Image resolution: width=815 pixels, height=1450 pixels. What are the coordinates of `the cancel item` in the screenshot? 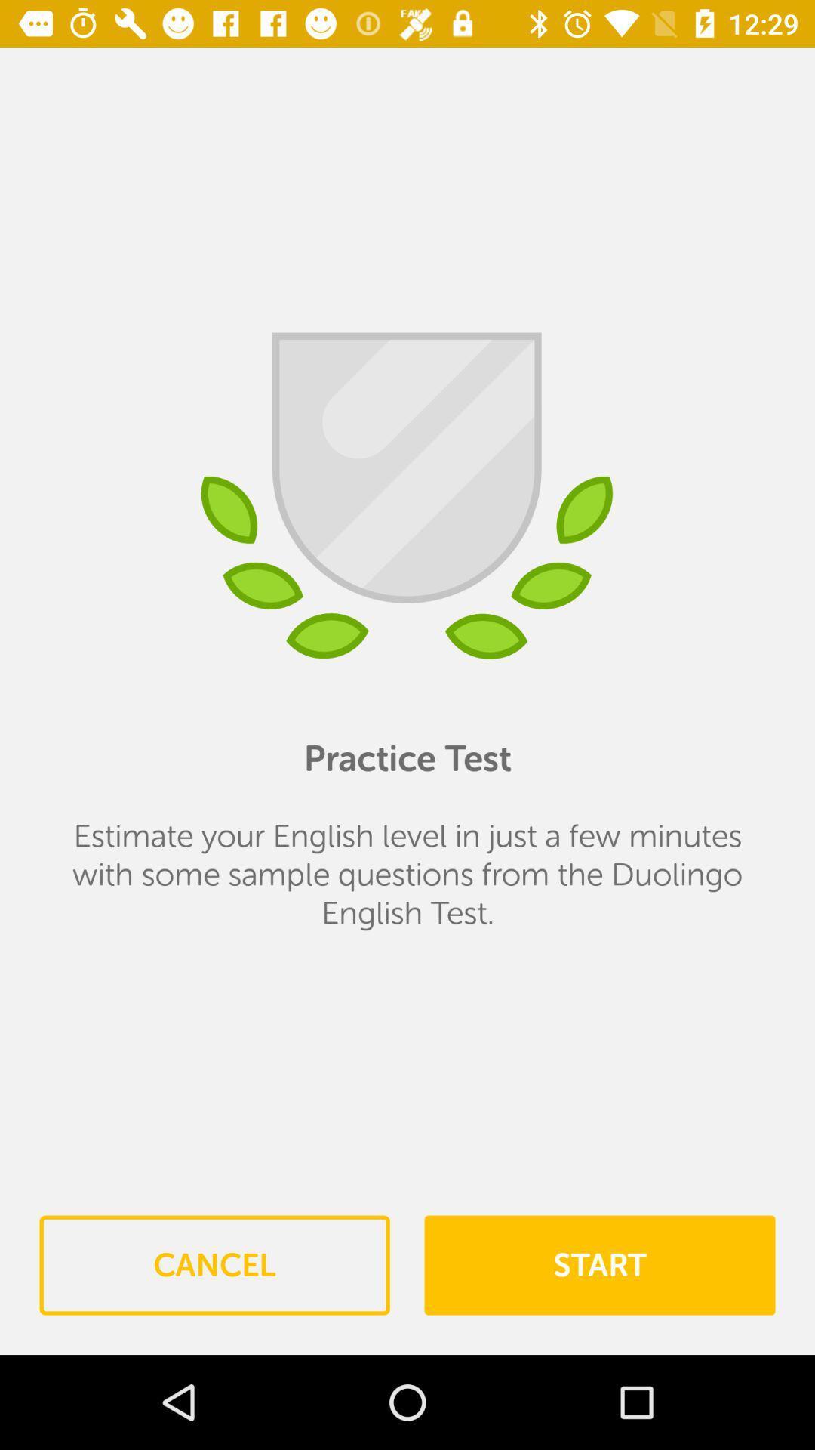 It's located at (214, 1265).